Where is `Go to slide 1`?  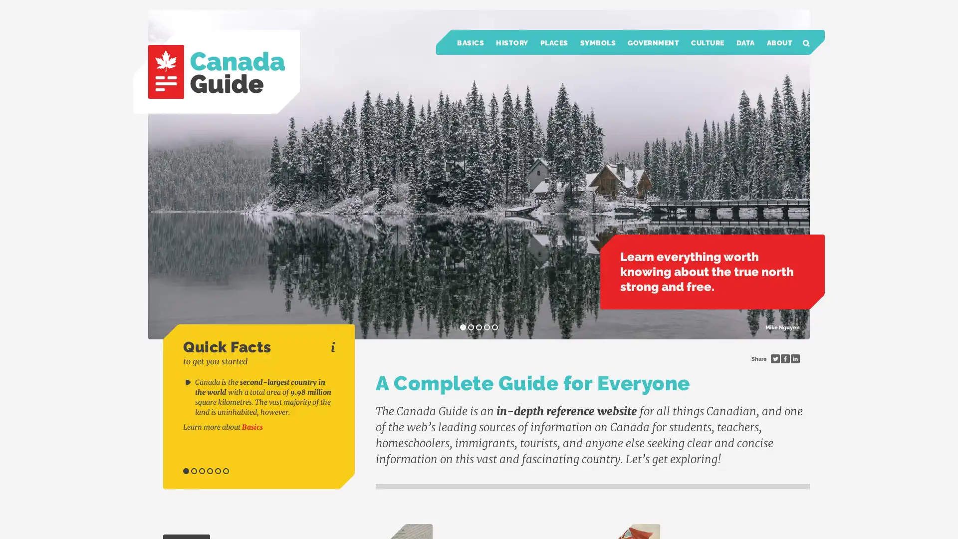
Go to slide 1 is located at coordinates (462, 327).